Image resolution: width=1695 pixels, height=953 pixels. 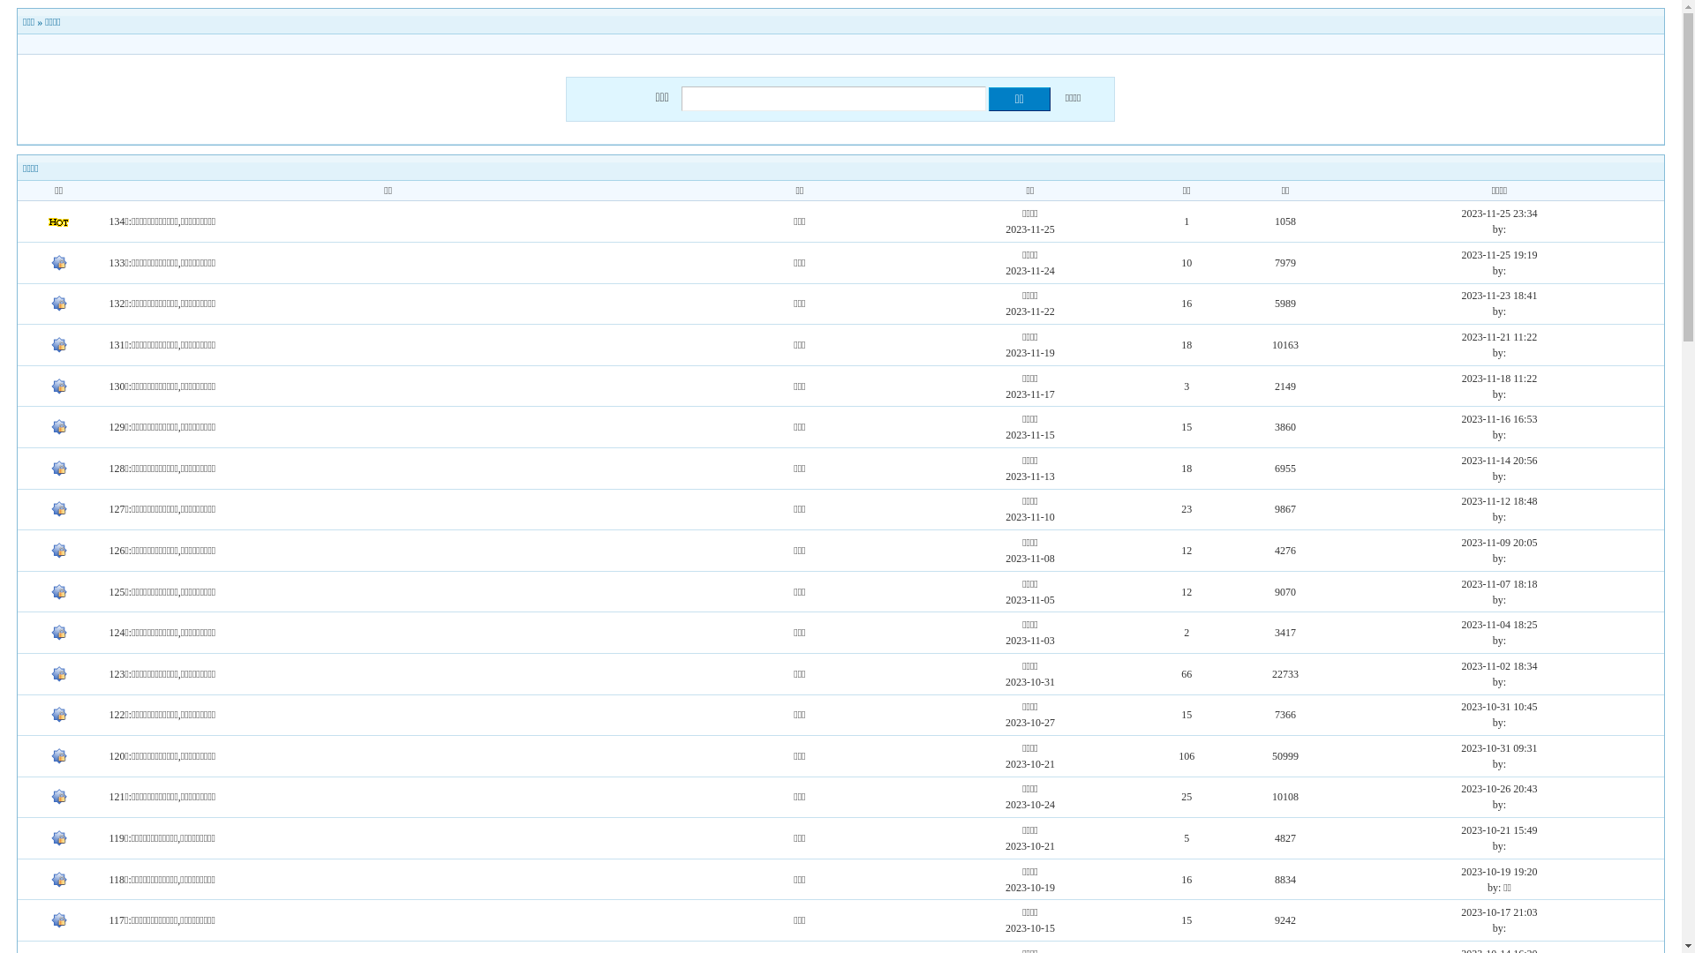 What do you see at coordinates (1498, 830) in the screenshot?
I see `'2023-10-21 15:49'` at bounding box center [1498, 830].